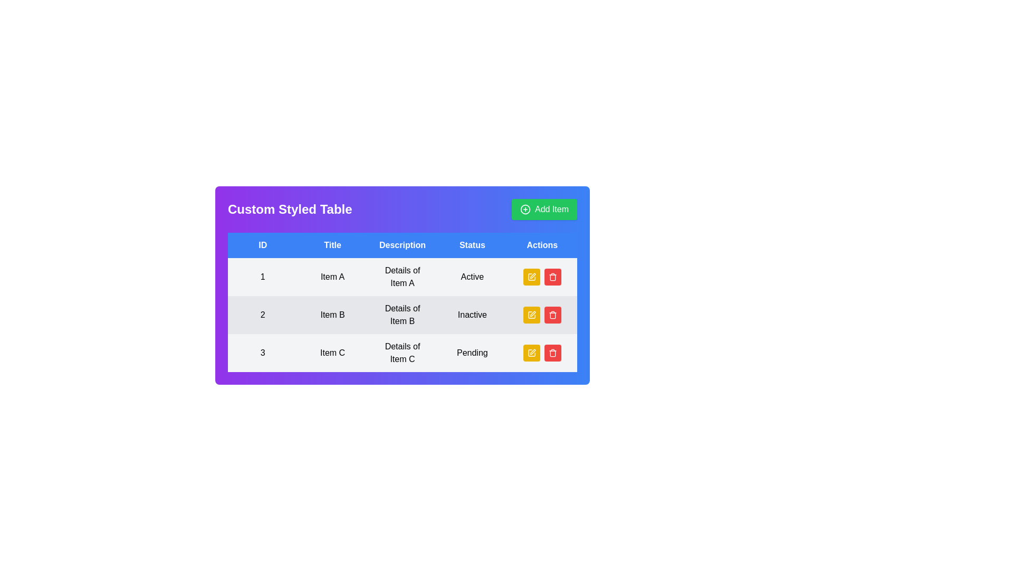 Image resolution: width=1013 pixels, height=570 pixels. What do you see at coordinates (402, 353) in the screenshot?
I see `the third row in the table that displays information about Item C` at bounding box center [402, 353].